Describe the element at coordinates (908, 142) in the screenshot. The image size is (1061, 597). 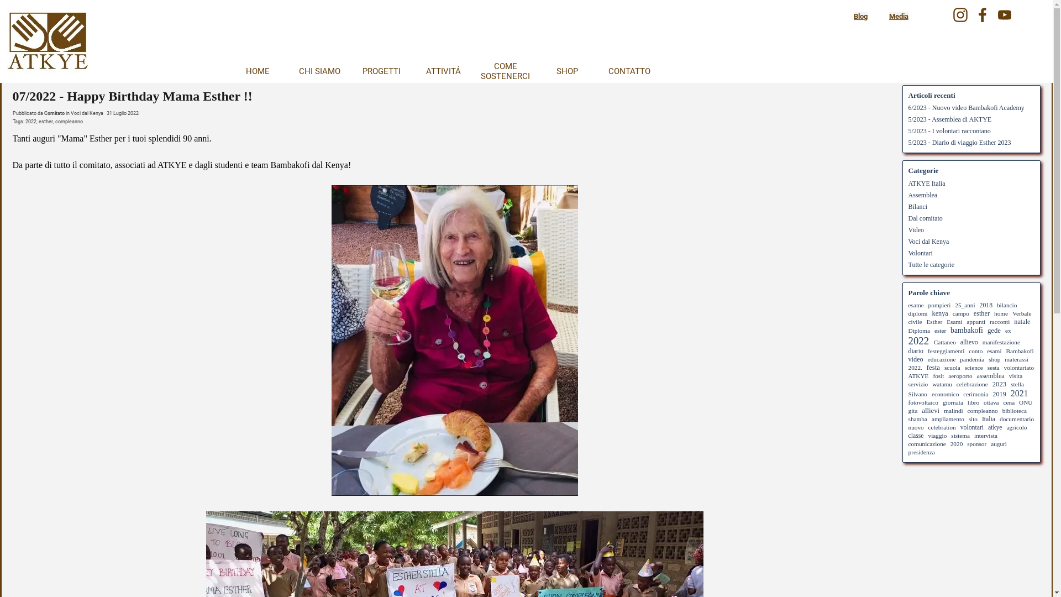
I see `'5/2023 - Diario di viaggio Esther 2023'` at that location.